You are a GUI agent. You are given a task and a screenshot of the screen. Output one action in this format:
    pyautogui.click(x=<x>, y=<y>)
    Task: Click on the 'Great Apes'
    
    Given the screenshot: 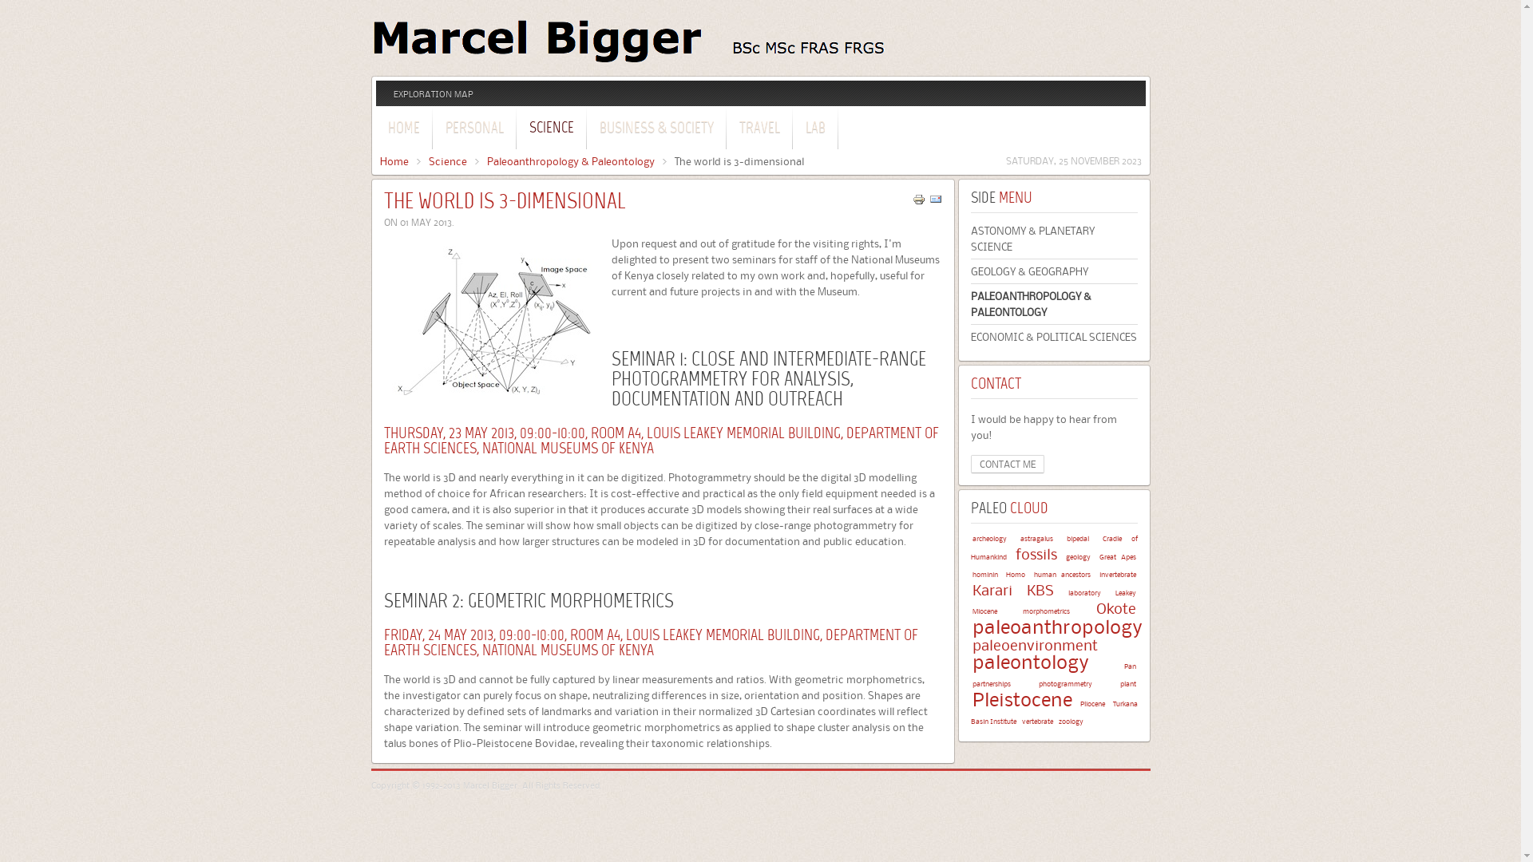 What is the action you would take?
    pyautogui.click(x=1115, y=556)
    